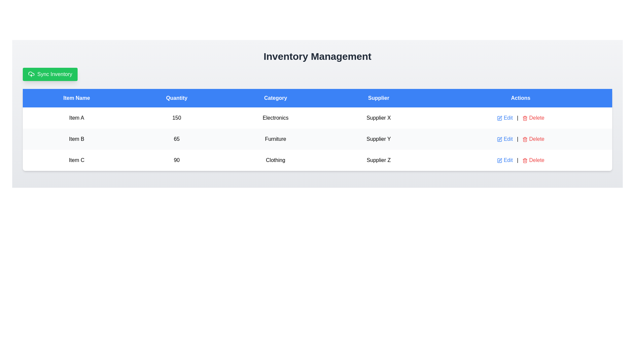 Image resolution: width=634 pixels, height=357 pixels. What do you see at coordinates (50, 74) in the screenshot?
I see `the synchronization button located below the 'Inventory Management' header` at bounding box center [50, 74].